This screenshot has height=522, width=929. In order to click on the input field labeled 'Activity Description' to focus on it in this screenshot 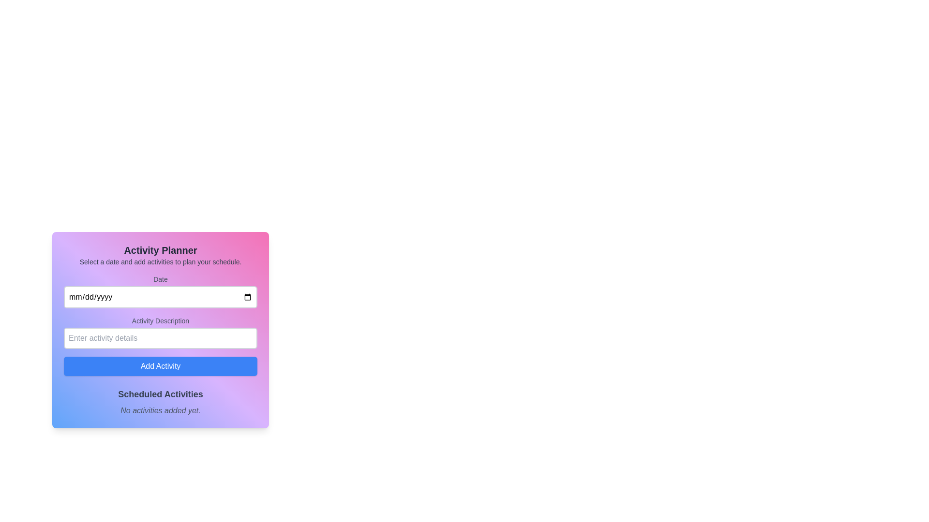, I will do `click(160, 332)`.